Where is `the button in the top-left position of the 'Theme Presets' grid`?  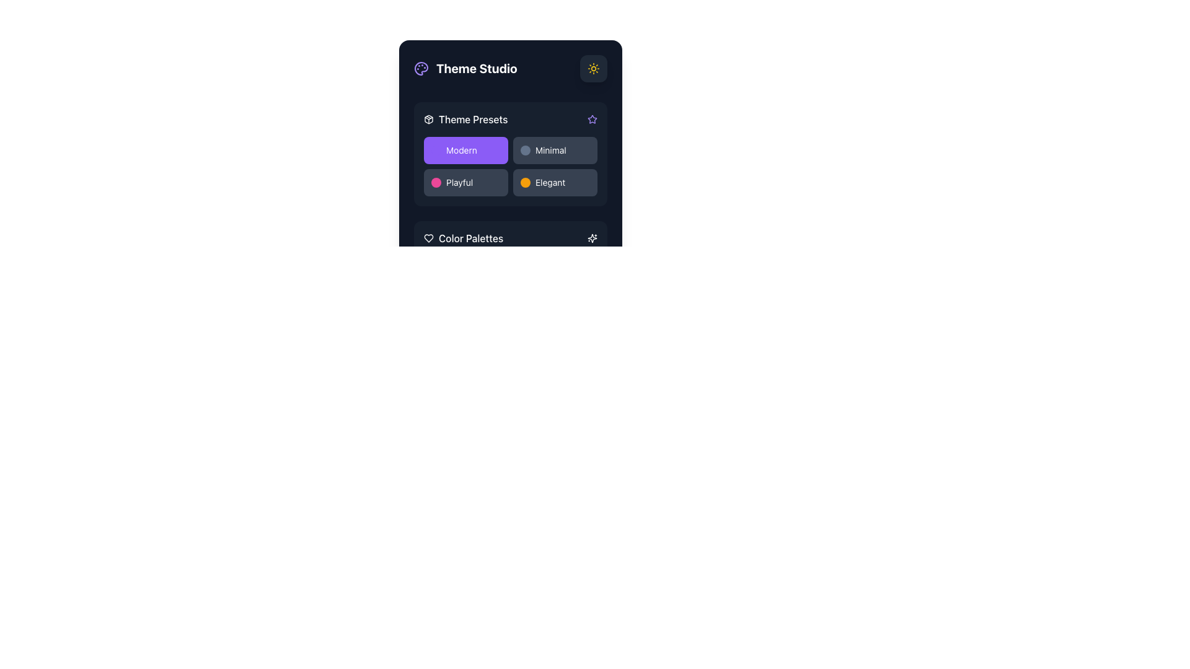
the button in the top-left position of the 'Theme Presets' grid is located at coordinates (465, 150).